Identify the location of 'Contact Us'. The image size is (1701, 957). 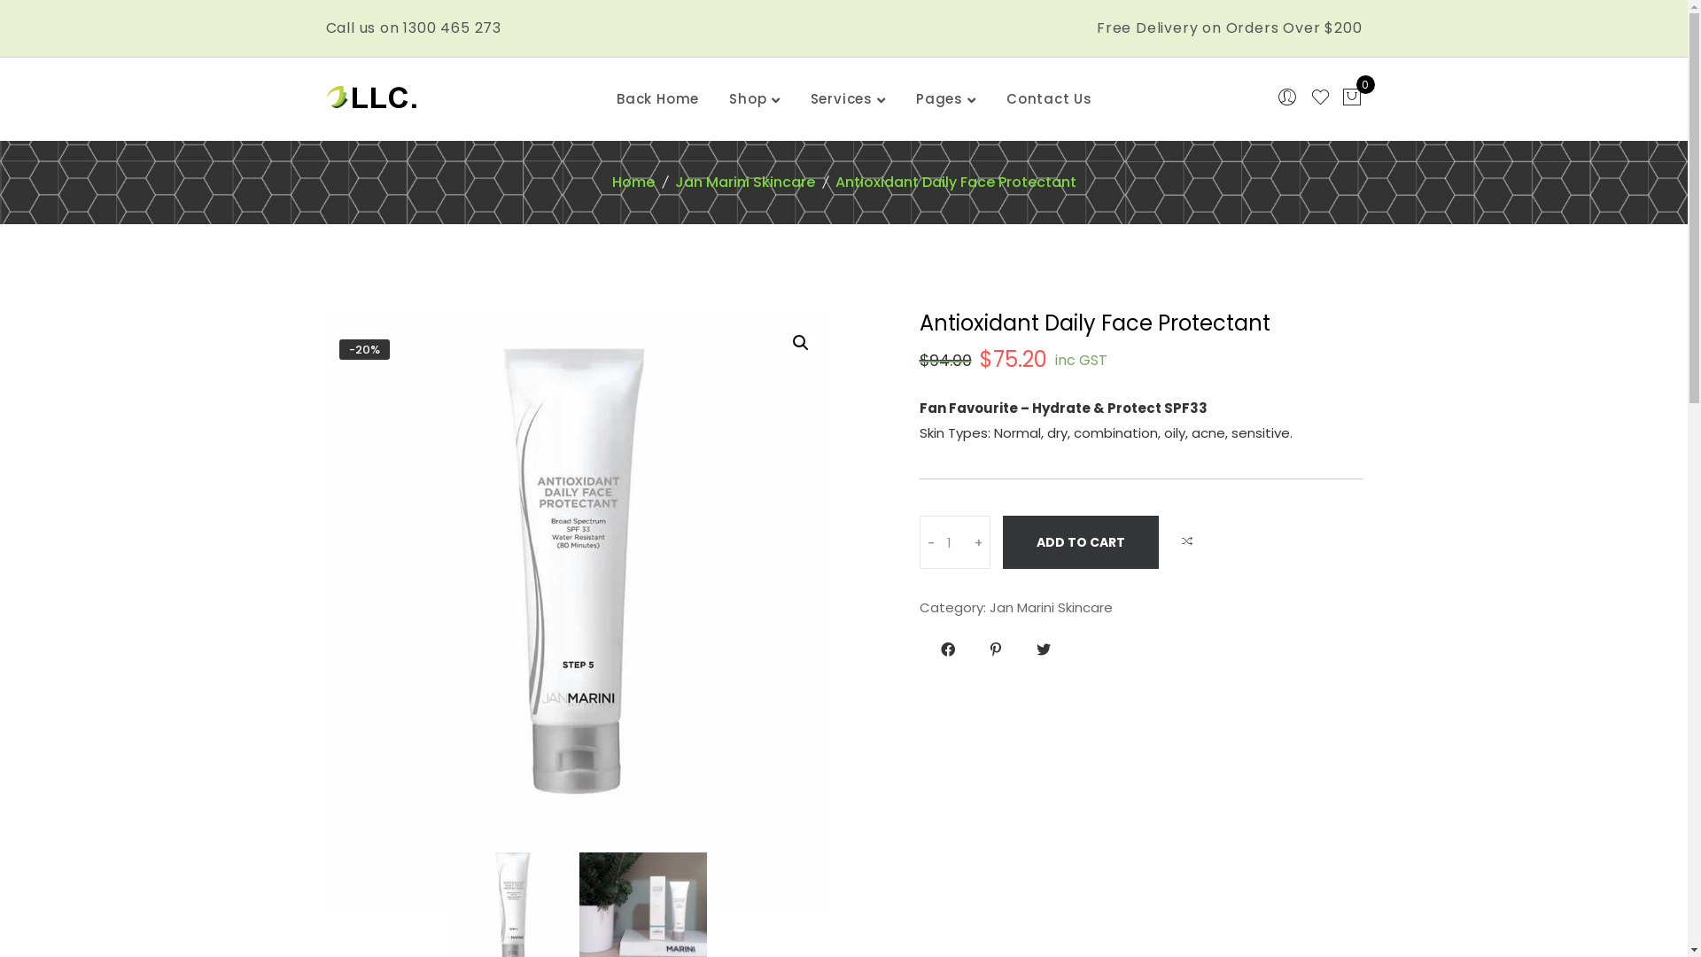
(1049, 98).